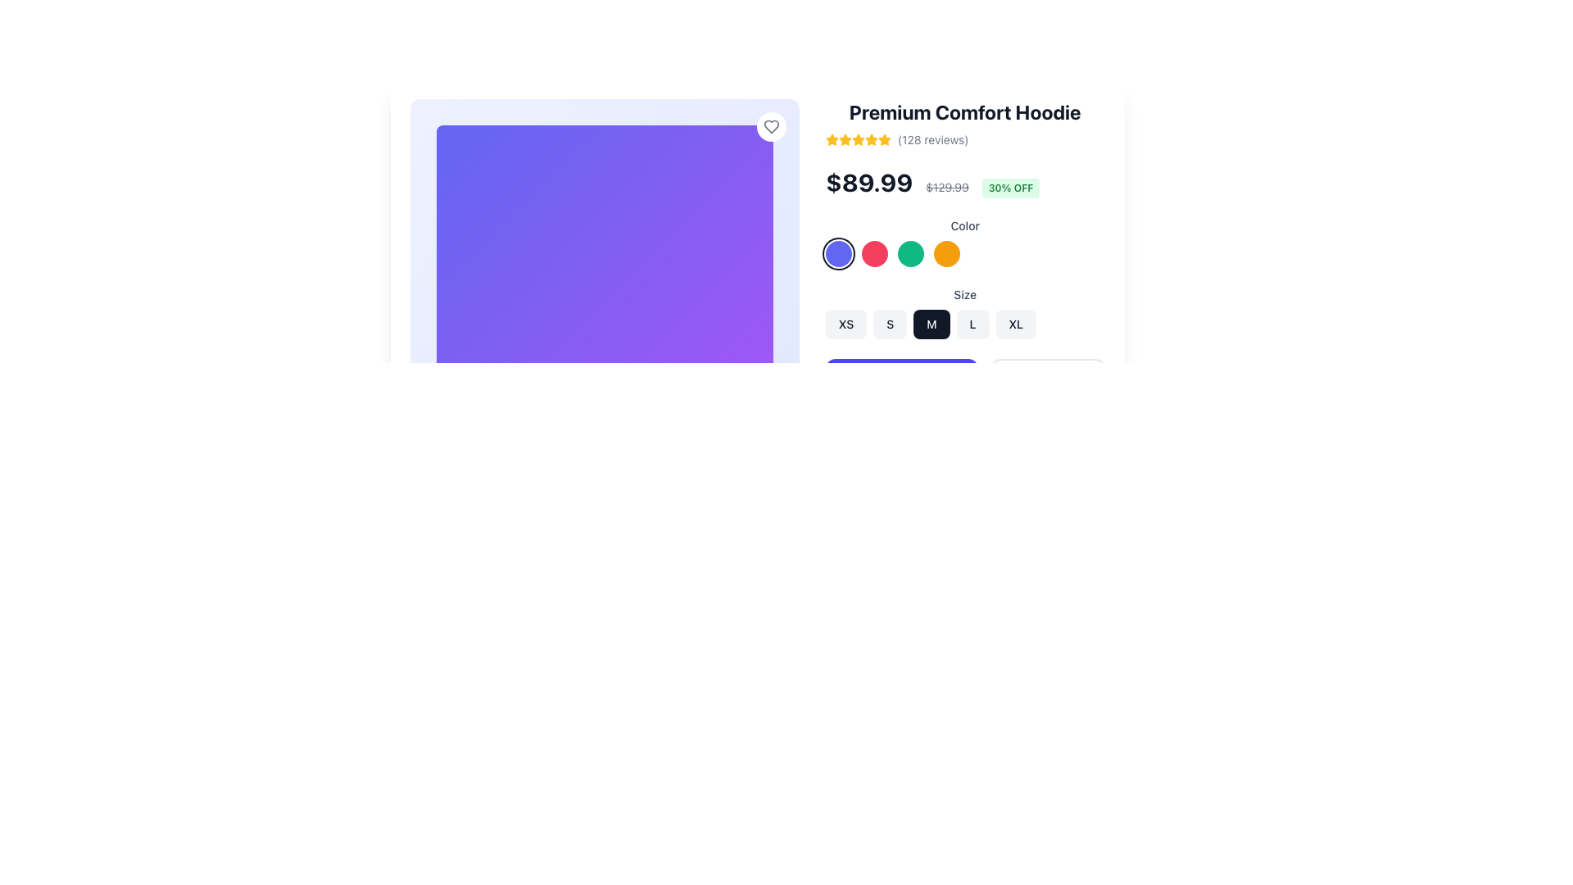  Describe the element at coordinates (947, 186) in the screenshot. I see `the Text label that represents the original price of the item, which is positioned between the current price '$89.99' on the left and the discount label '30% OFF' on the right` at that location.